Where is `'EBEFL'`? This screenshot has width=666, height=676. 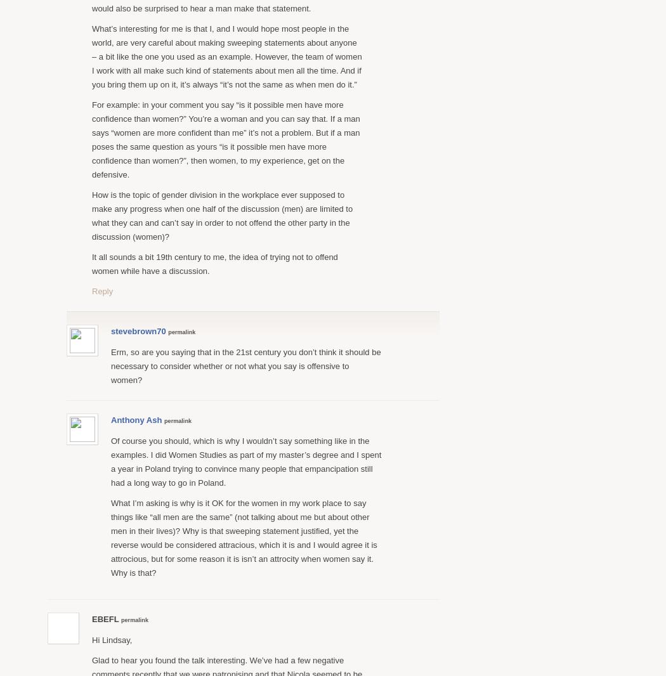
'EBEFL' is located at coordinates (107, 618).